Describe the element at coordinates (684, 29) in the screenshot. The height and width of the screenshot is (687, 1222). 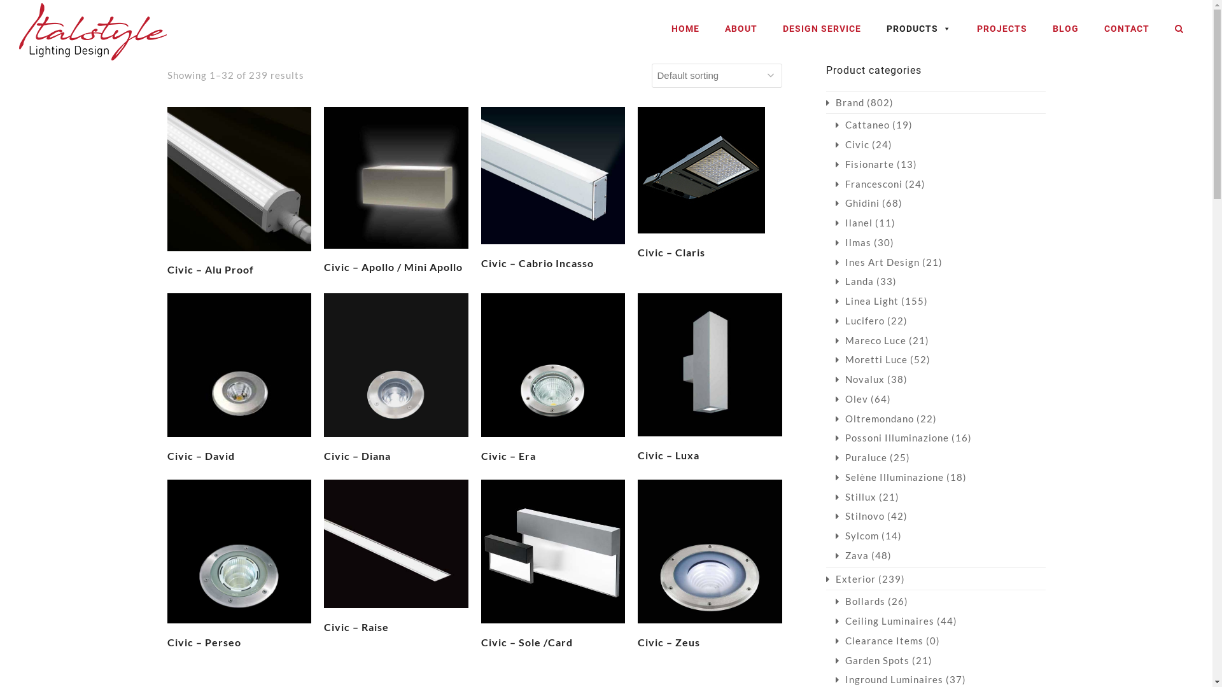
I see `'HOME'` at that location.